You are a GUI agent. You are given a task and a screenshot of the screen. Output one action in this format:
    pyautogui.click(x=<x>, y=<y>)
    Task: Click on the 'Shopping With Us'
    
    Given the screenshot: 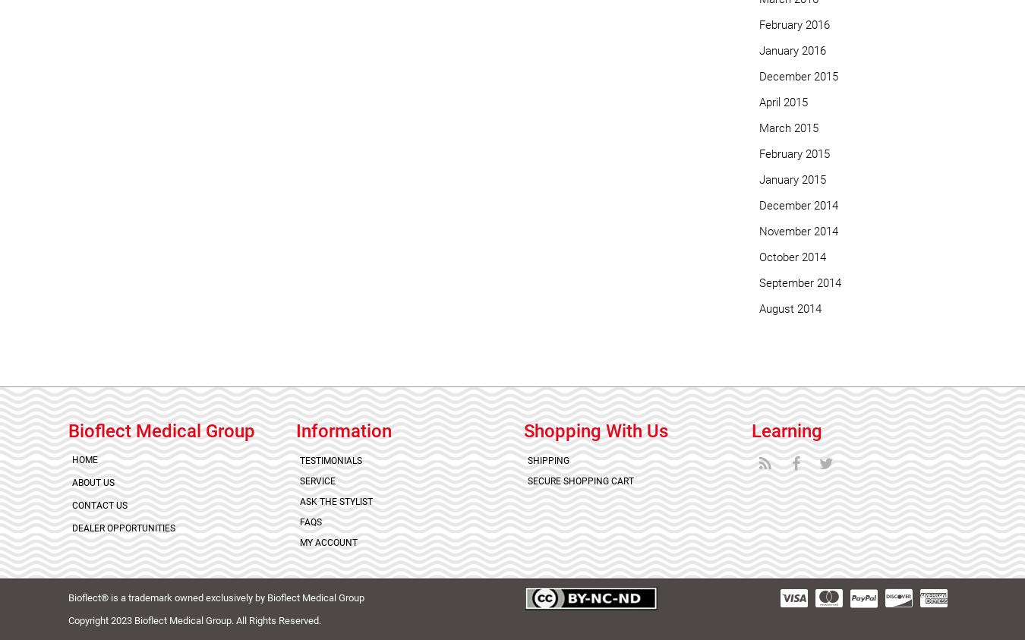 What is the action you would take?
    pyautogui.click(x=595, y=430)
    